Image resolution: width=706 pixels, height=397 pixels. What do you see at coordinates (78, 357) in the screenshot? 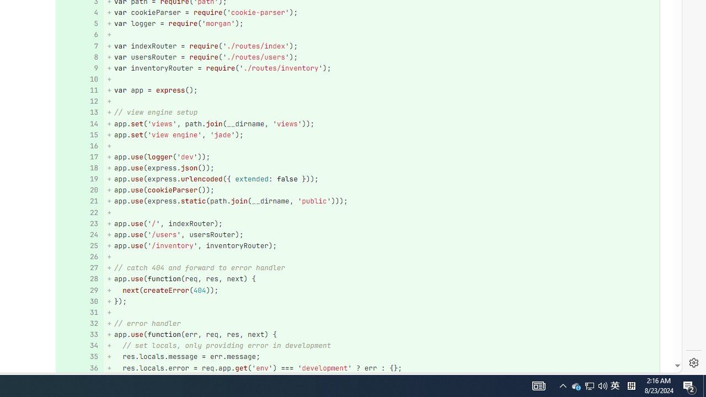
I see `'35'` at bounding box center [78, 357].